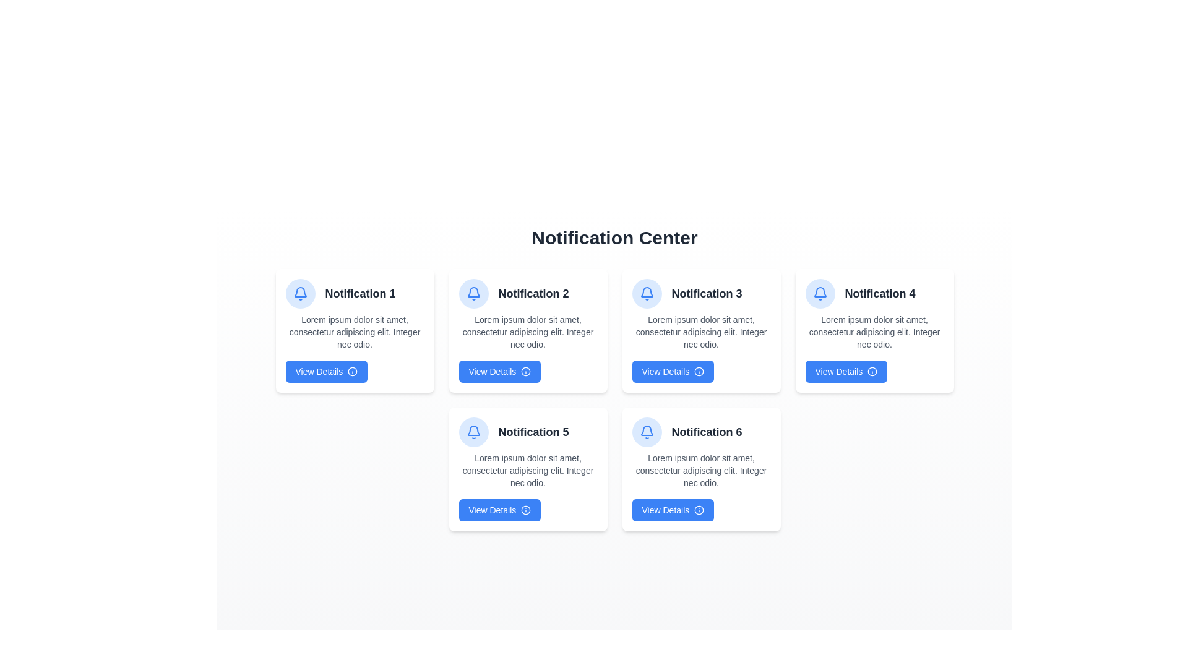  I want to click on the 'Notification 3' text, which is the title of the third notification in the notification grid, despite it being marked as non-interactive, so click(707, 293).